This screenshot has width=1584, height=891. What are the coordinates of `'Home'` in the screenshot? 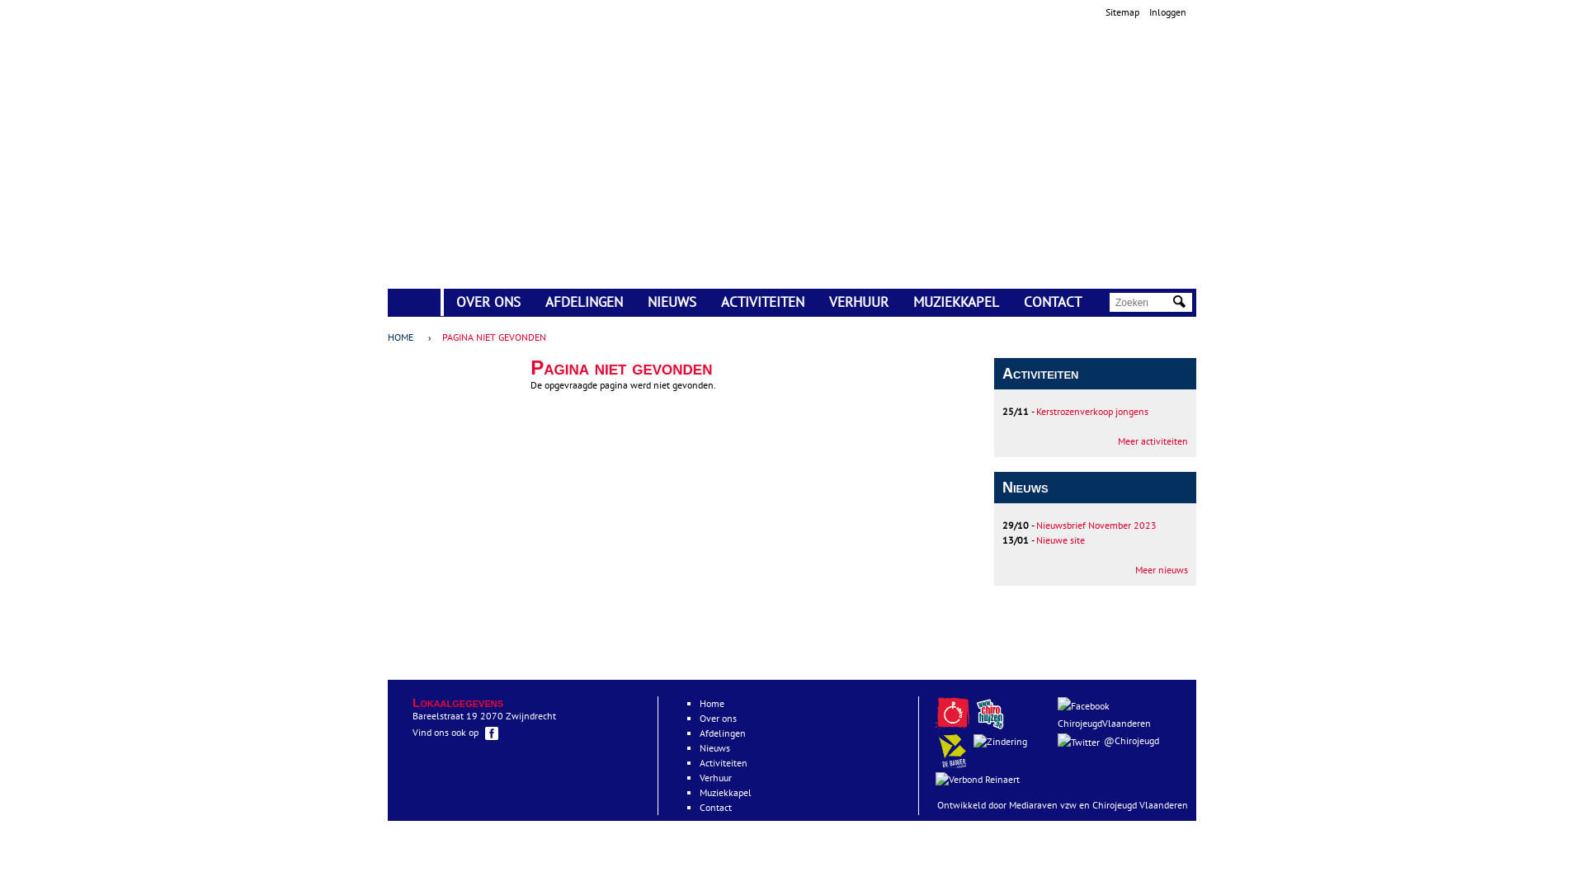 It's located at (712, 703).